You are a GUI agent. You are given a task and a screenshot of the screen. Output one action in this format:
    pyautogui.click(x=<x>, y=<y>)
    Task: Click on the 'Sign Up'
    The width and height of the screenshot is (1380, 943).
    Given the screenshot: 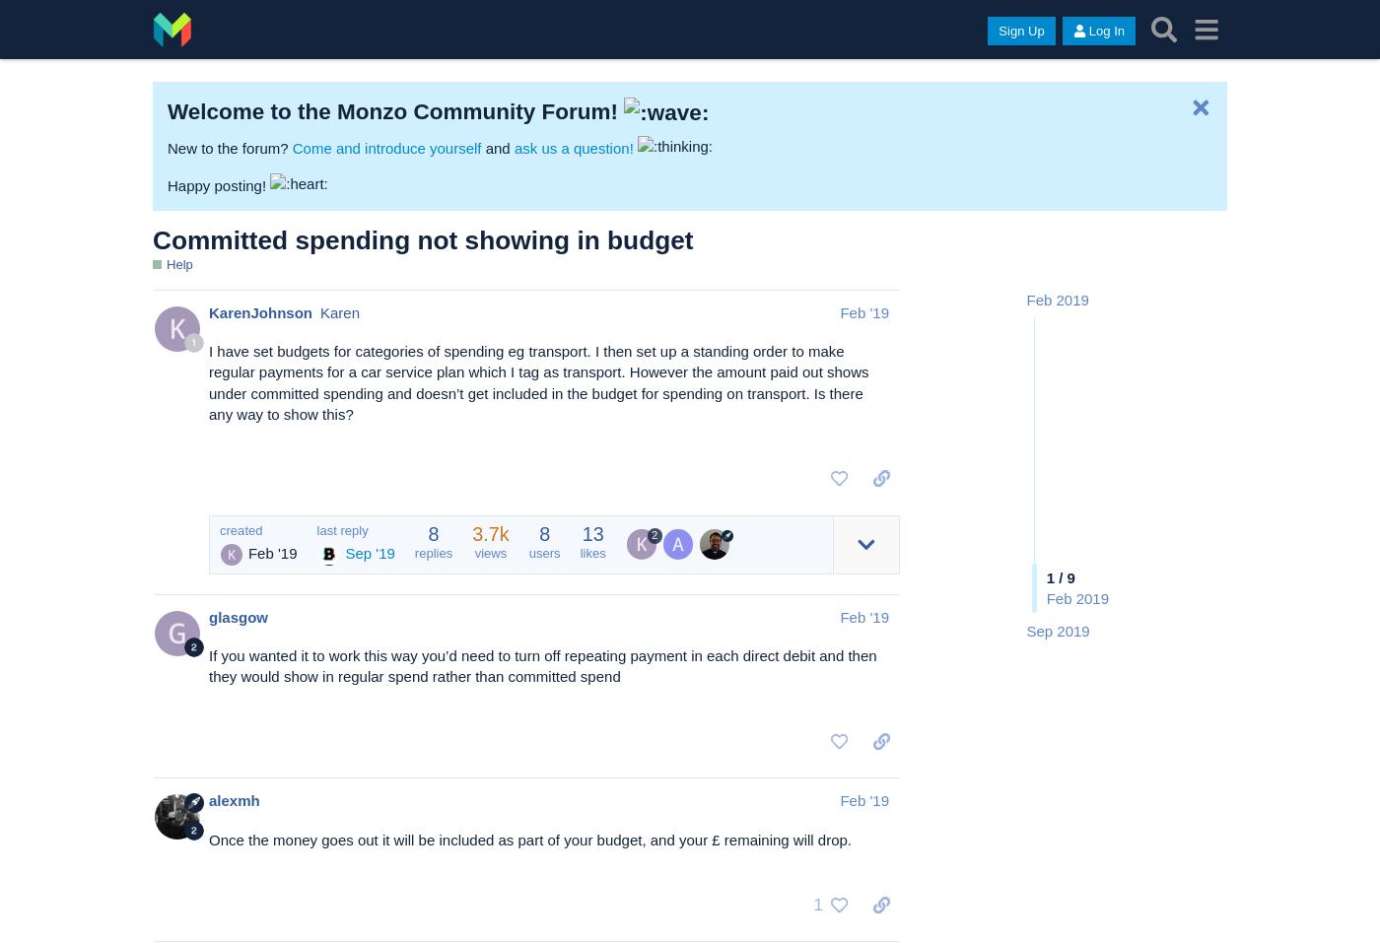 What is the action you would take?
    pyautogui.click(x=999, y=30)
    